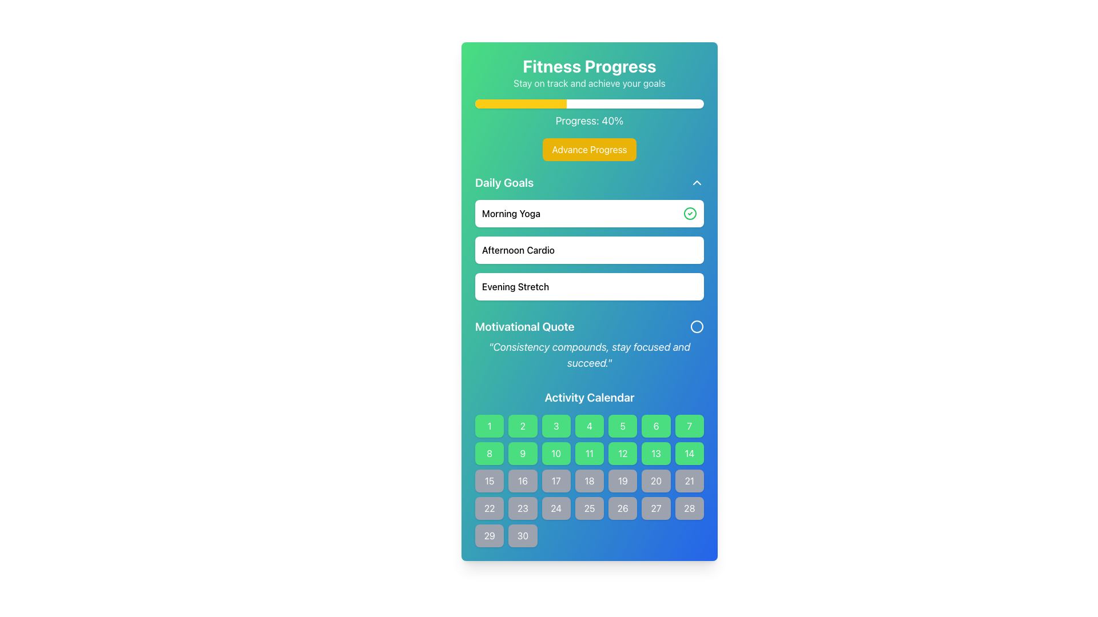  I want to click on the Day cell in the fourth row and fourth column of the calendar grid in the 'Activity Calendar', which is inactive or unavailable indicated by its gray color, so click(590, 480).